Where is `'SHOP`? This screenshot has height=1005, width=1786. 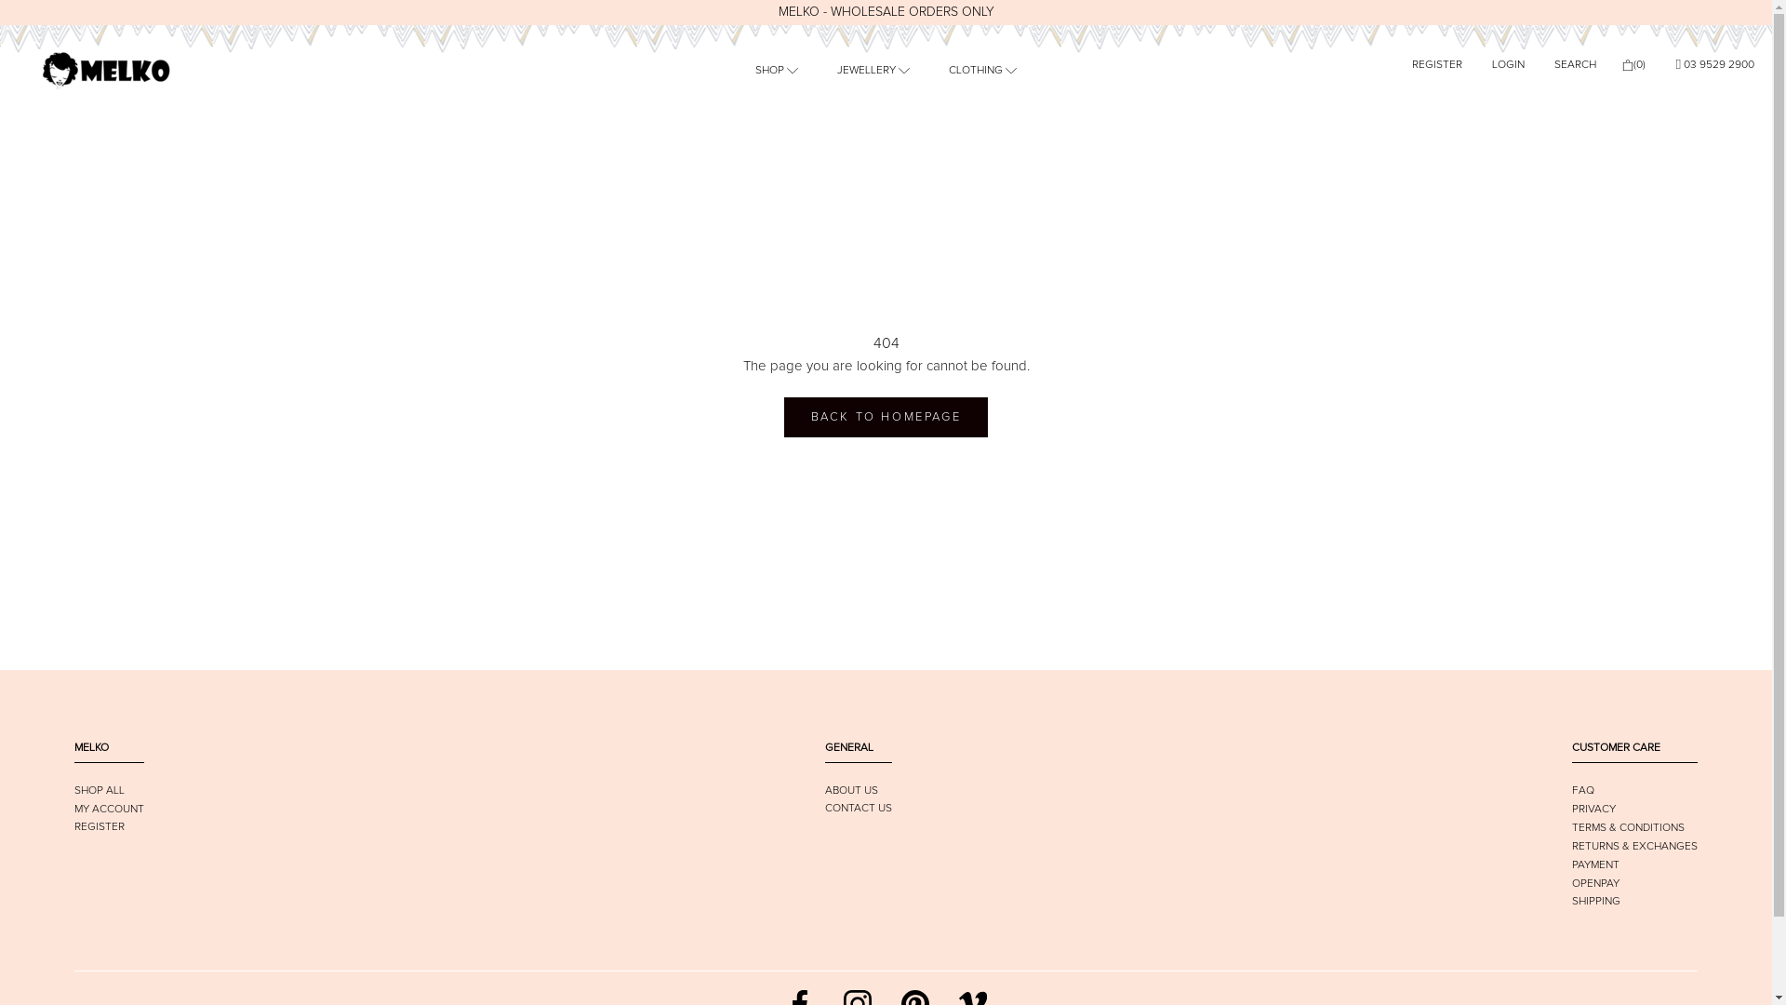
'SHOP is located at coordinates (777, 70).